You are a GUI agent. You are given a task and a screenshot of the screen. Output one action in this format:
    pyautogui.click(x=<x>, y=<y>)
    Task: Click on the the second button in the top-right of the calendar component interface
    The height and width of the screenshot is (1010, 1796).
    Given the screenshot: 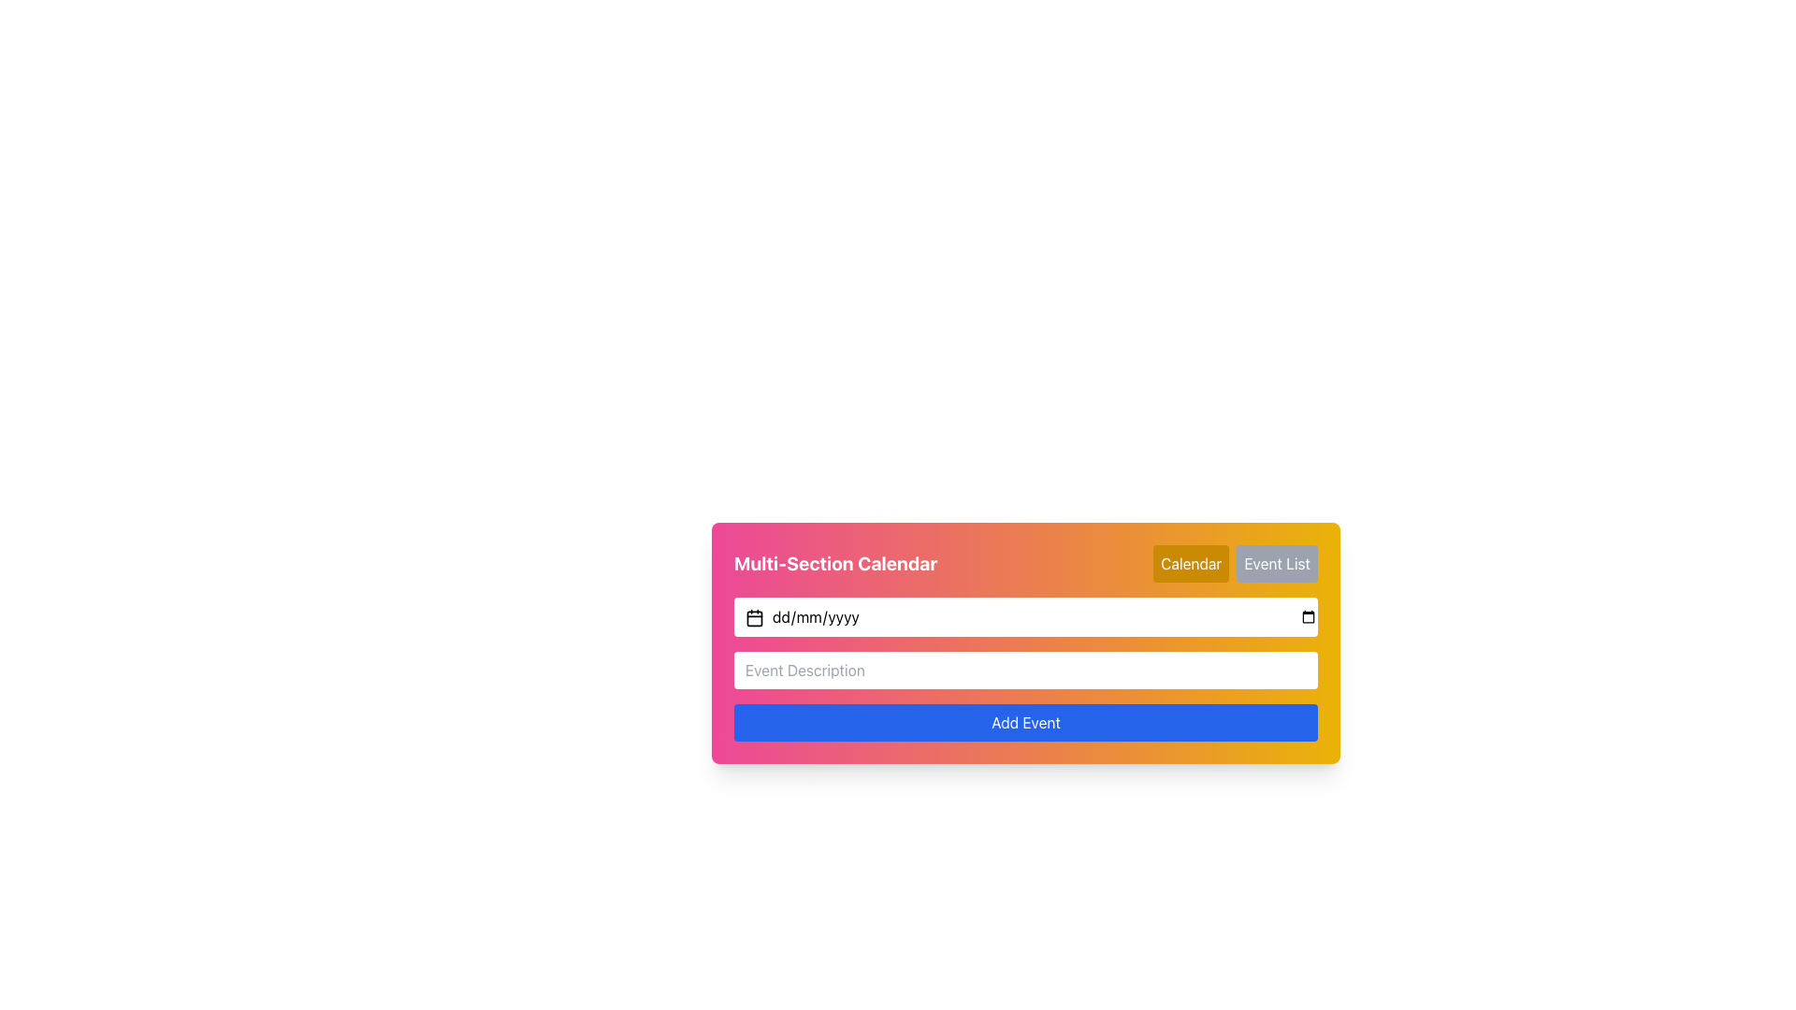 What is the action you would take?
    pyautogui.click(x=1276, y=562)
    